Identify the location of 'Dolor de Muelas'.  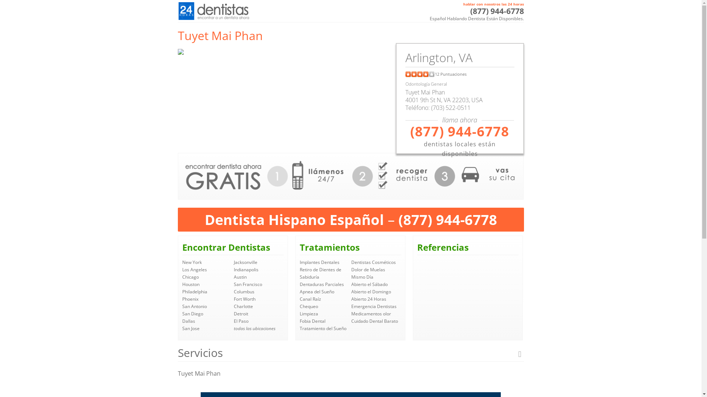
(368, 269).